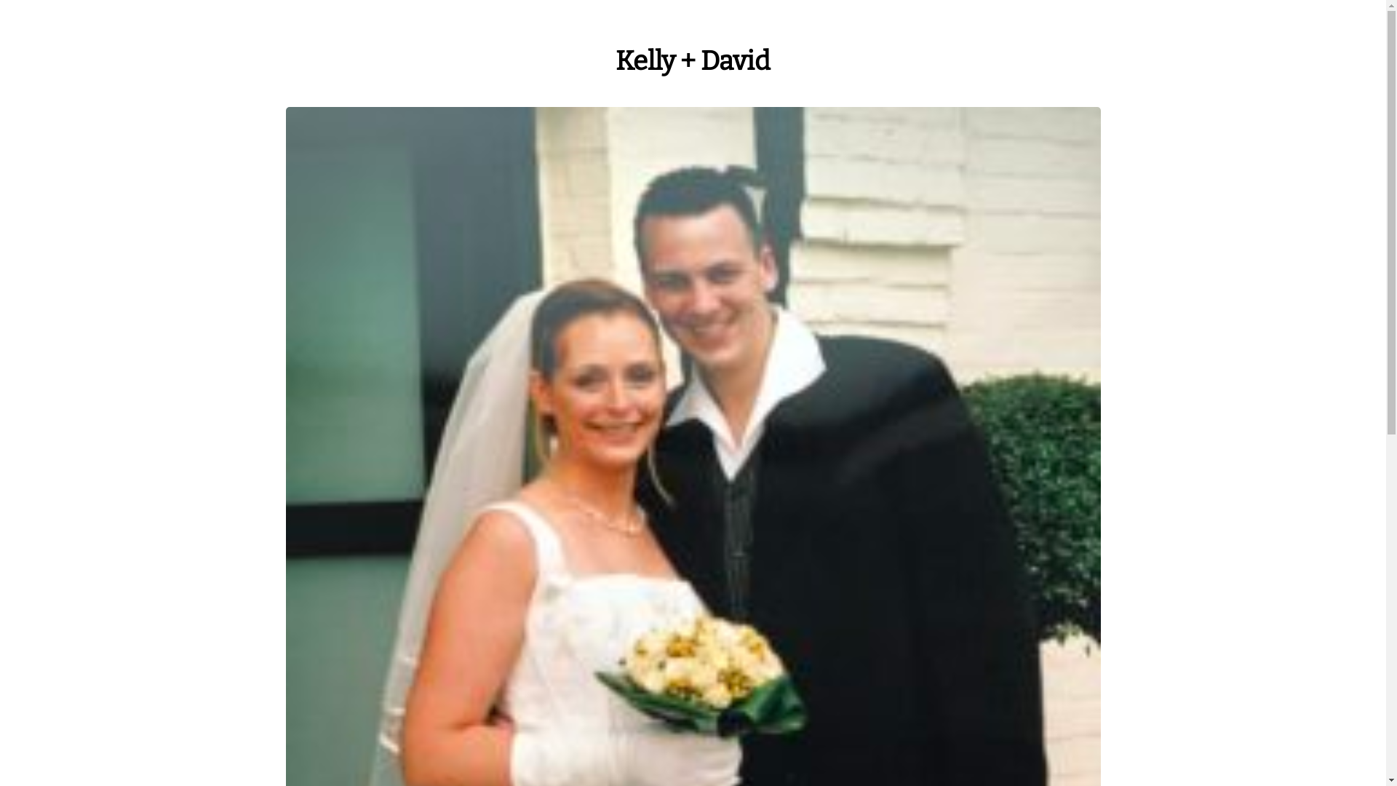 The height and width of the screenshot is (786, 1397). Describe the element at coordinates (615, 60) in the screenshot. I see `'Kelly + David'` at that location.